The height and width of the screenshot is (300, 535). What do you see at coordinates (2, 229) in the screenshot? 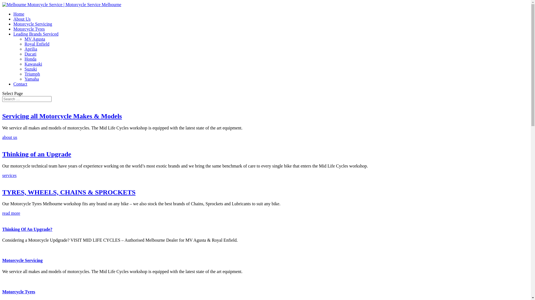
I see `'Thinking Of An Upgrade?'` at bounding box center [2, 229].